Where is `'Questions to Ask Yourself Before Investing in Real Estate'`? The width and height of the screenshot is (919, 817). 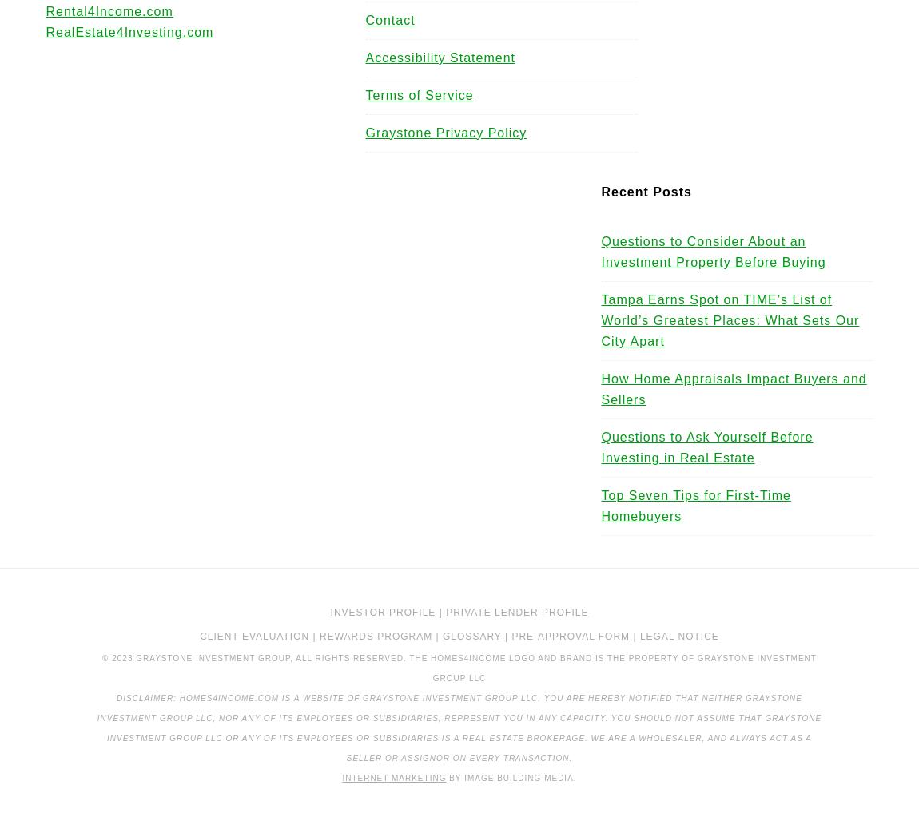 'Questions to Ask Yourself Before Investing in Real Estate' is located at coordinates (599, 447).